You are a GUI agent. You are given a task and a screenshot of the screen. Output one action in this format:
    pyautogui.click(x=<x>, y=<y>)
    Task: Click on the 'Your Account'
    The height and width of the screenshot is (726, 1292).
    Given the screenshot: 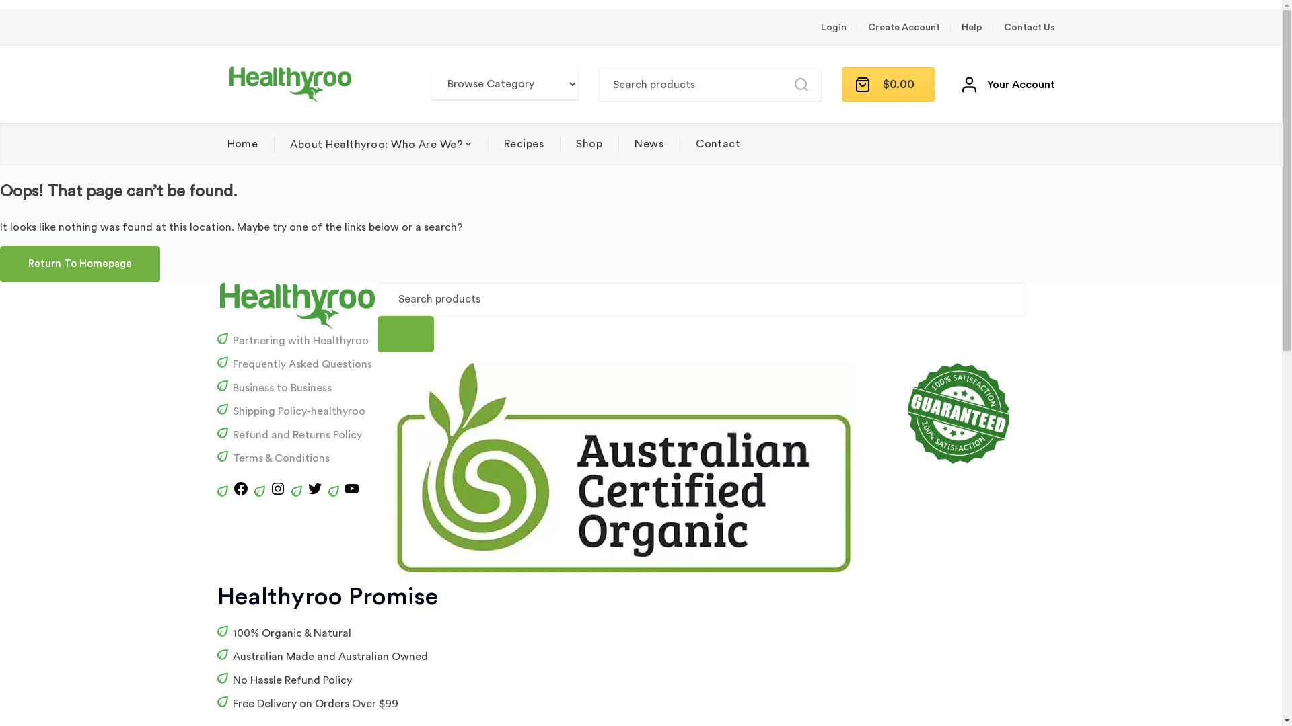 What is the action you would take?
    pyautogui.click(x=962, y=85)
    